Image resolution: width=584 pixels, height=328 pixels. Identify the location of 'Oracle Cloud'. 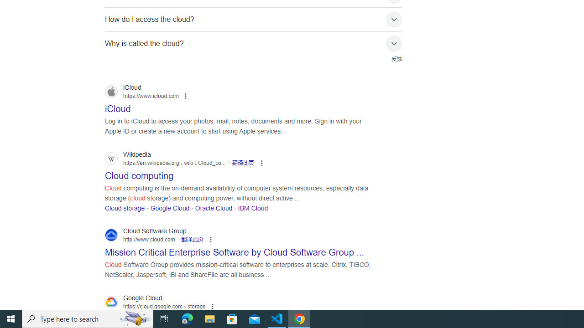
(213, 208).